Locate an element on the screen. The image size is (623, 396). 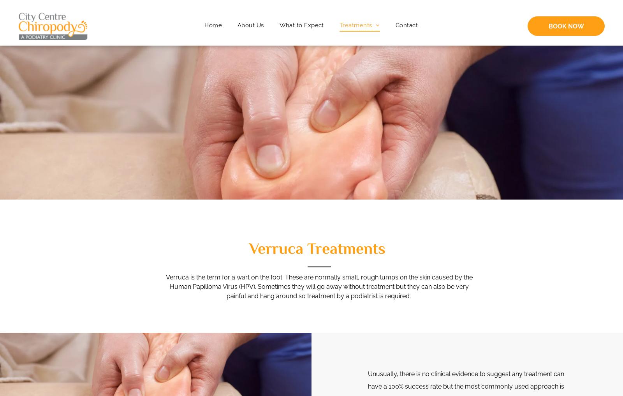
'Share by:' is located at coordinates (32, 19).